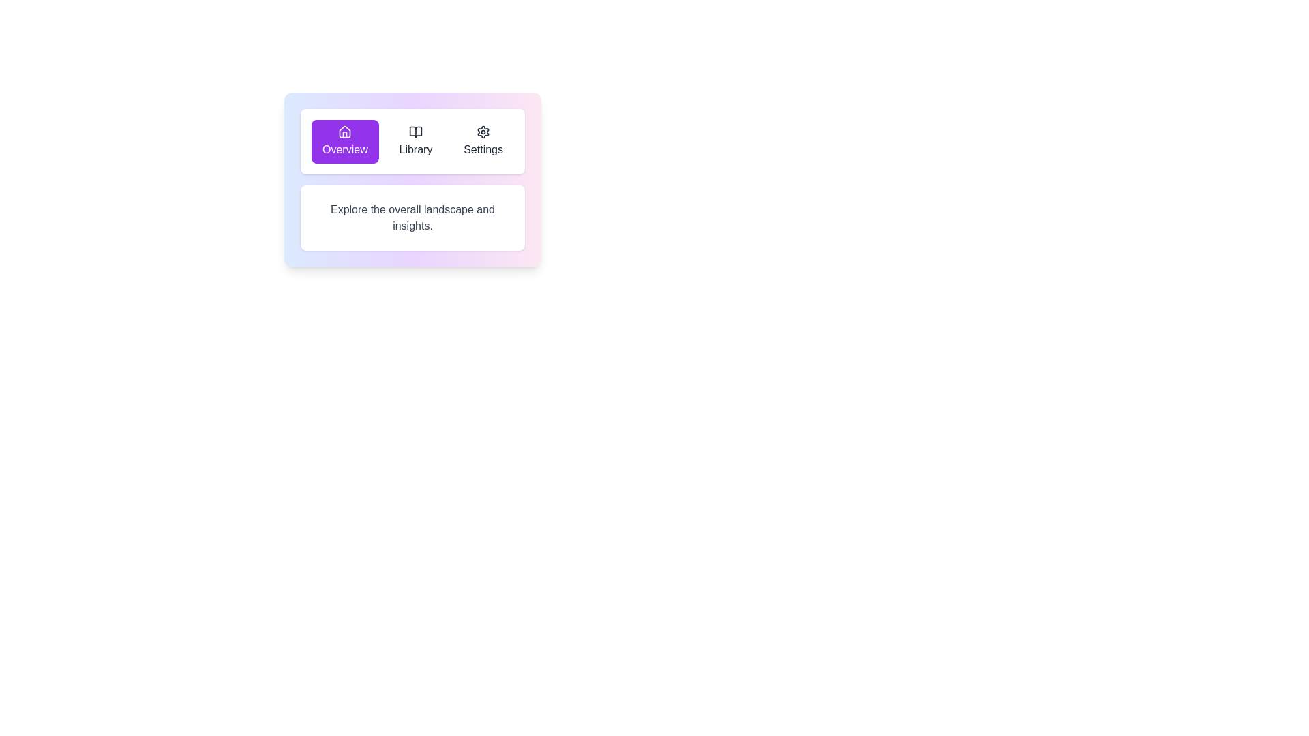  I want to click on the open book icon located in the top center section of the interface, positioned between the 'Overview' and 'Settings' buttons, so click(415, 132).